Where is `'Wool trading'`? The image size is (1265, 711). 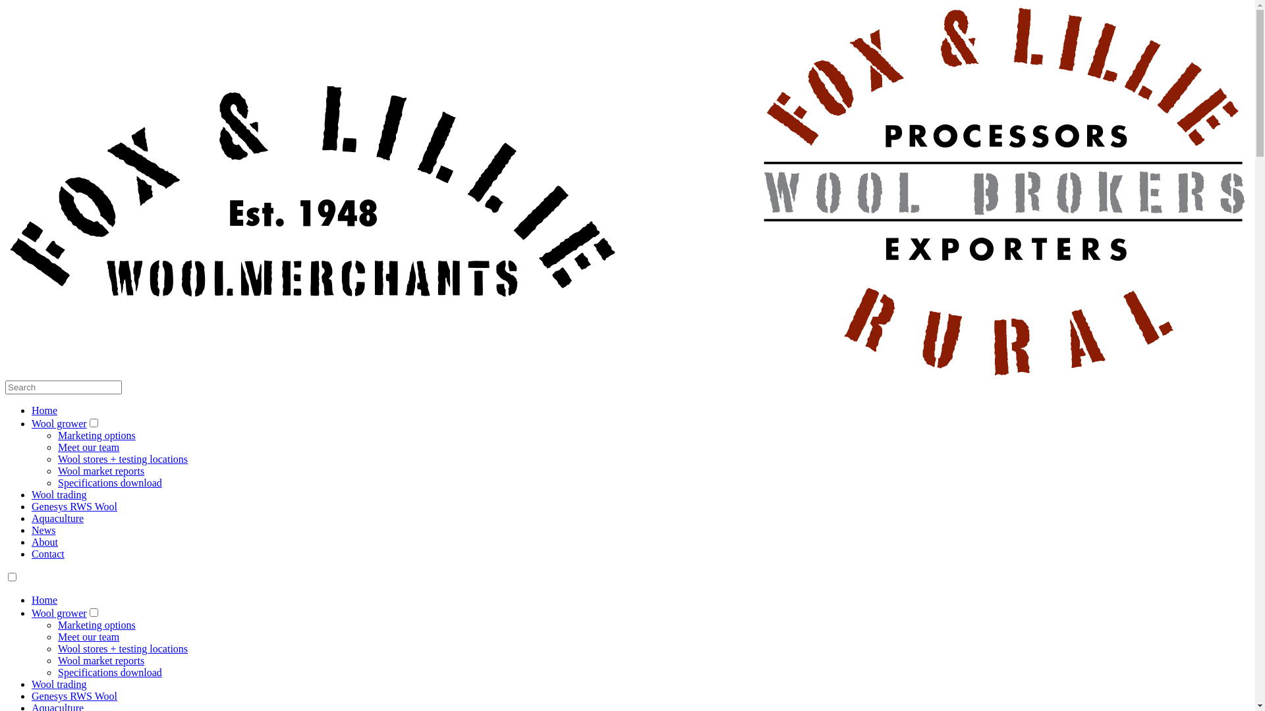 'Wool trading' is located at coordinates (32, 494).